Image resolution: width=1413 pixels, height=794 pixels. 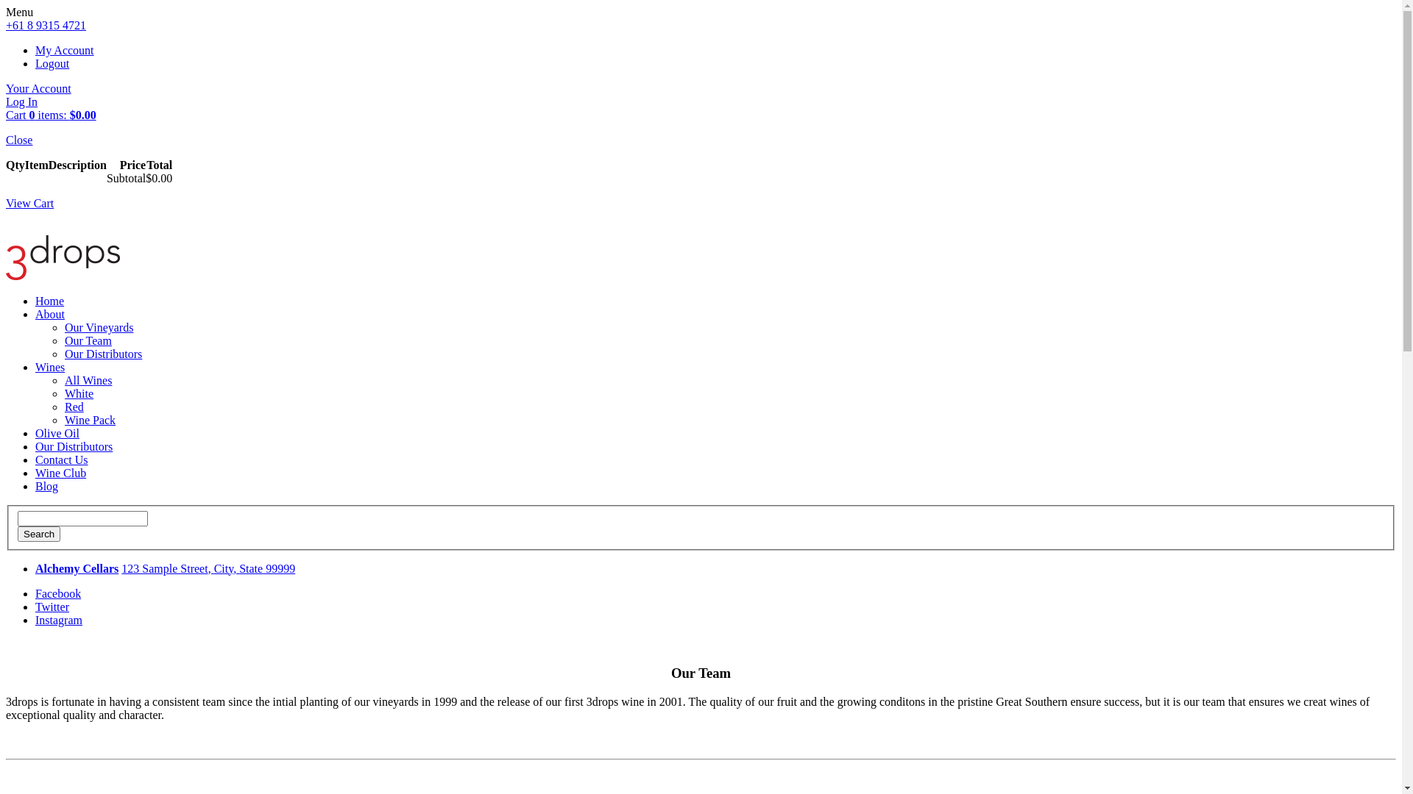 I want to click on 'Red', so click(x=73, y=407).